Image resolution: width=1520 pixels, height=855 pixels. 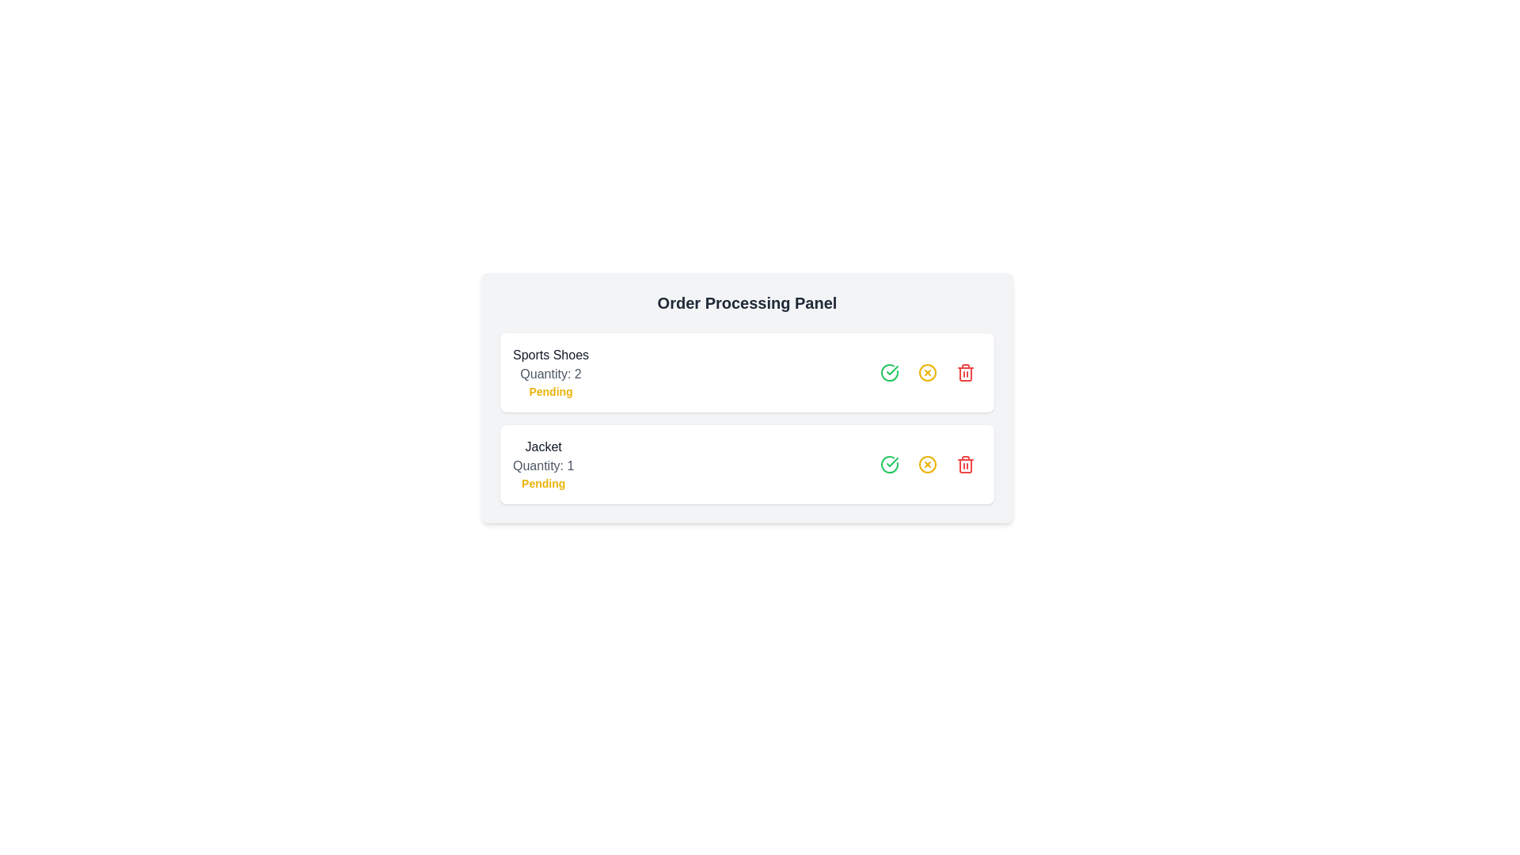 I want to click on the cancel or close icon located in the top item of the 'Order Processing Panel', positioned to the right of the item description and the green checkmark icon, and to the left of the trash bin icon, so click(x=927, y=372).